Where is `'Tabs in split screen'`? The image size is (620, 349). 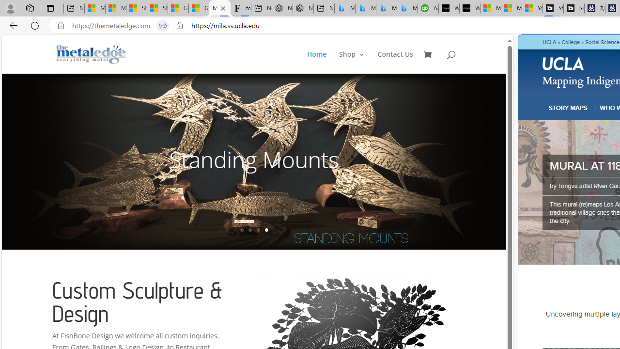 'Tabs in split screen' is located at coordinates (163, 25).